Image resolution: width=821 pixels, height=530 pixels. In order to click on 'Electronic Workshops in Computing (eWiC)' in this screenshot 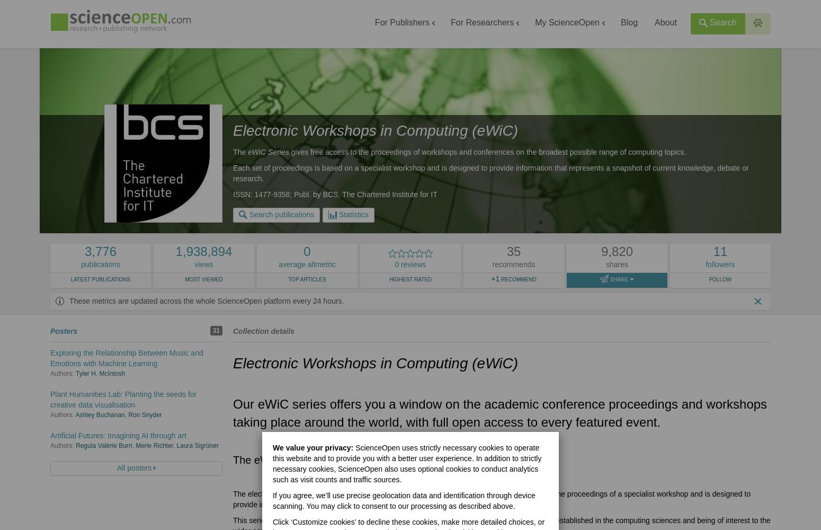, I will do `click(375, 363)`.